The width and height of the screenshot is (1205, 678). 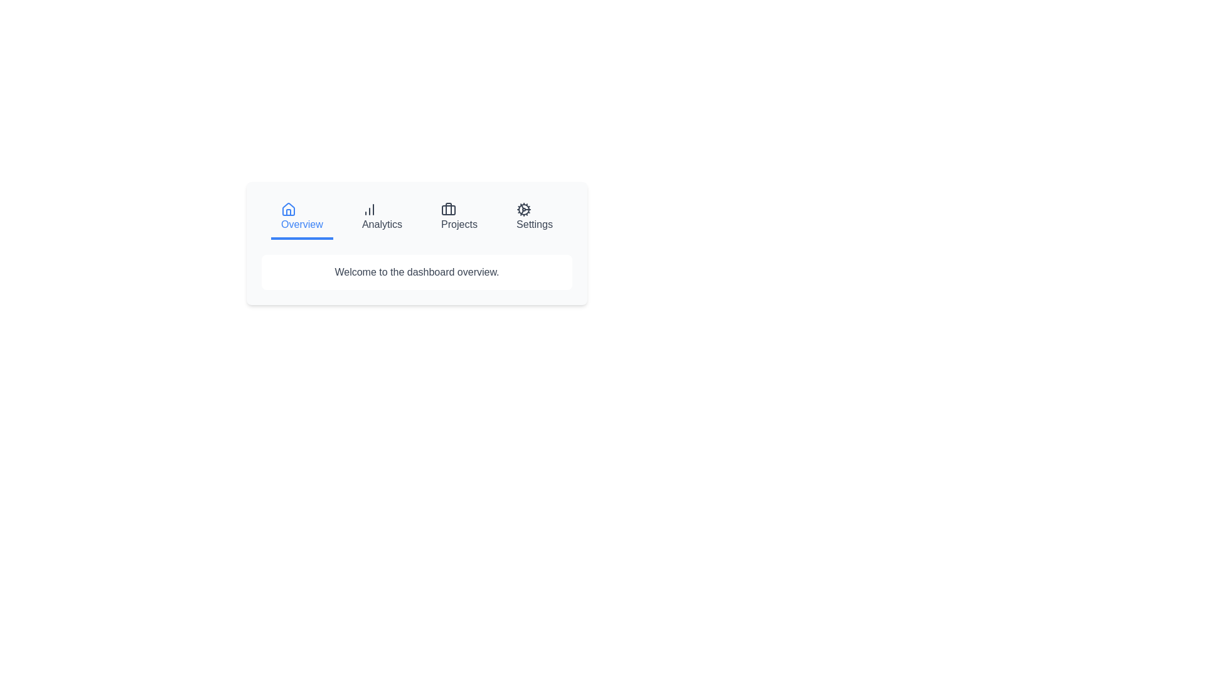 What do you see at coordinates (382, 217) in the screenshot?
I see `the tab labeled Analytics to reveal tooltip information` at bounding box center [382, 217].